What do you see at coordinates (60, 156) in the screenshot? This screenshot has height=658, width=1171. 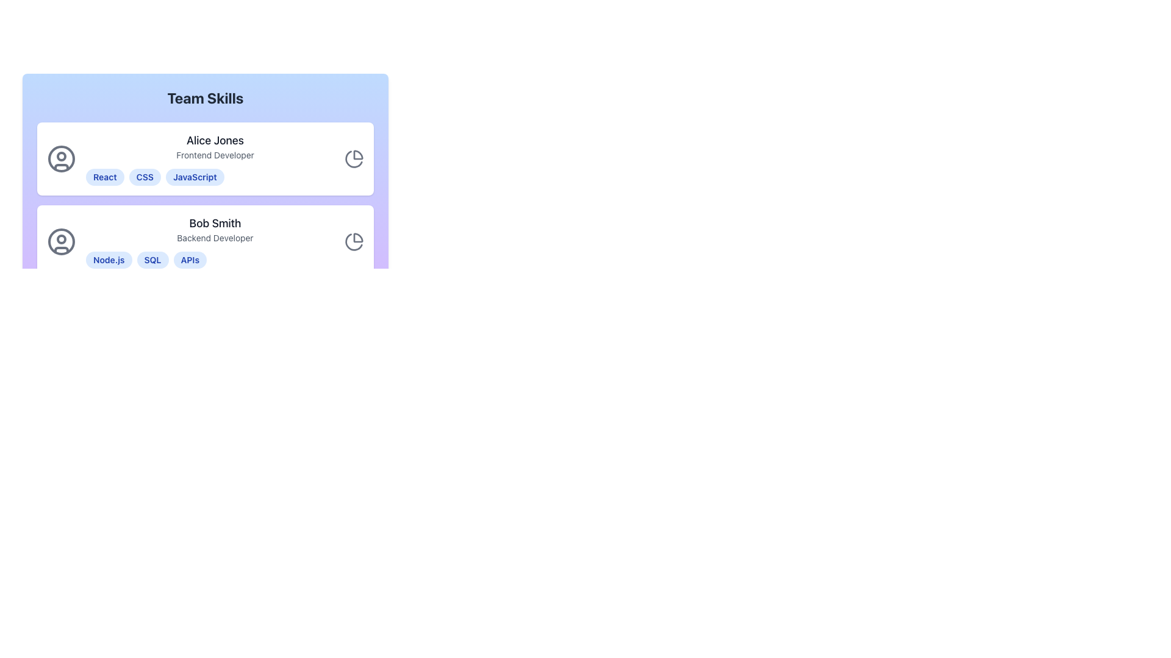 I see `the small filled circle within the profile icon for 'Alice Jones' in the 'Team Skills' section` at bounding box center [60, 156].